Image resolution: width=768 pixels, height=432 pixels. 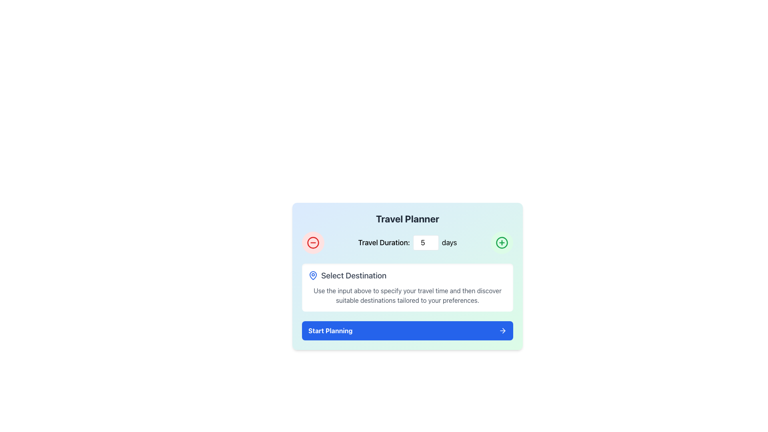 What do you see at coordinates (407, 296) in the screenshot?
I see `the instructional static text located underneath the 'Select Destination' header, positioned just above the blue 'Start Planning' button` at bounding box center [407, 296].